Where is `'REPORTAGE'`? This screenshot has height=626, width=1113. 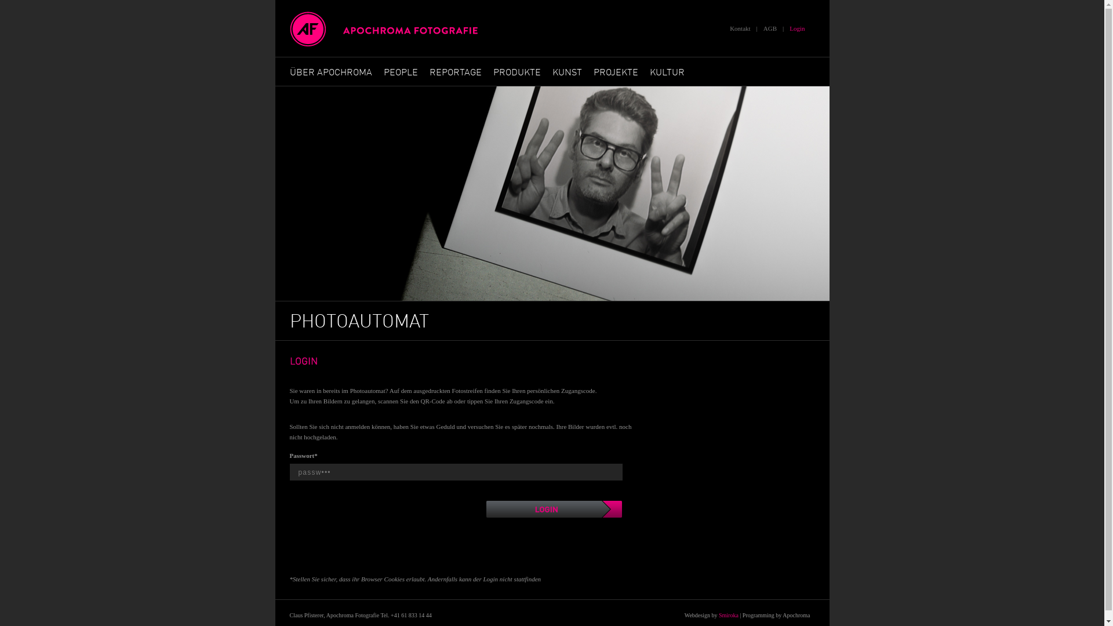
'REPORTAGE' is located at coordinates (428, 73).